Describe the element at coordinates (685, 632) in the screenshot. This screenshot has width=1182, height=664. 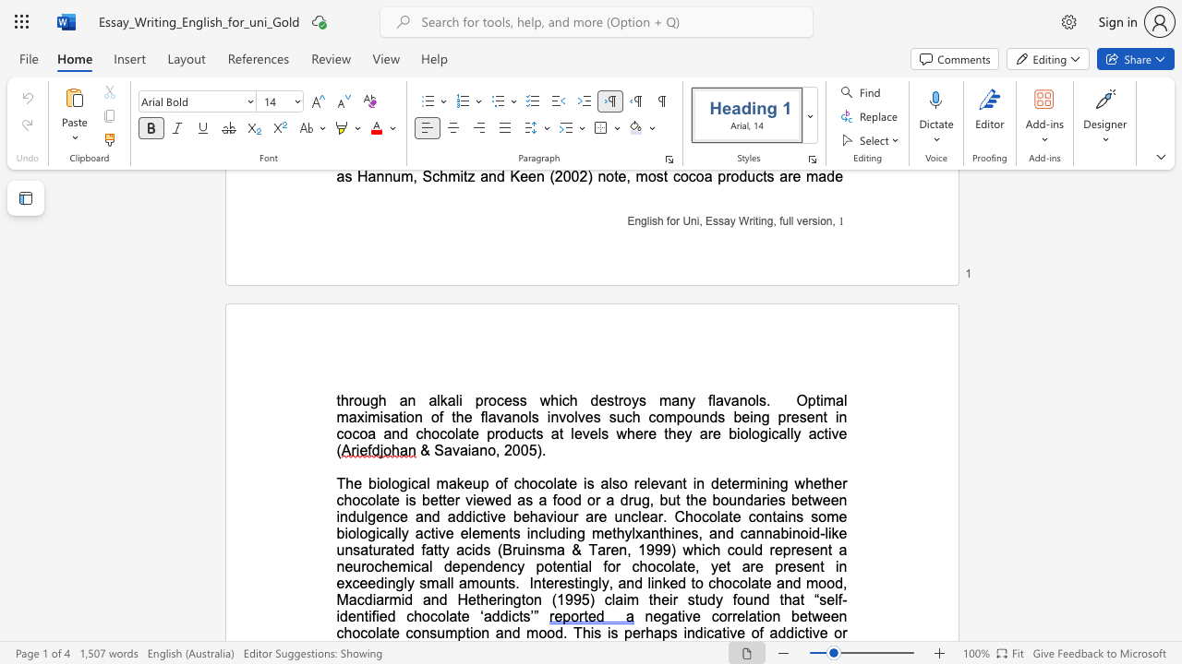
I see `the subset text "ndic" within the text "perhaps indicative"` at that location.